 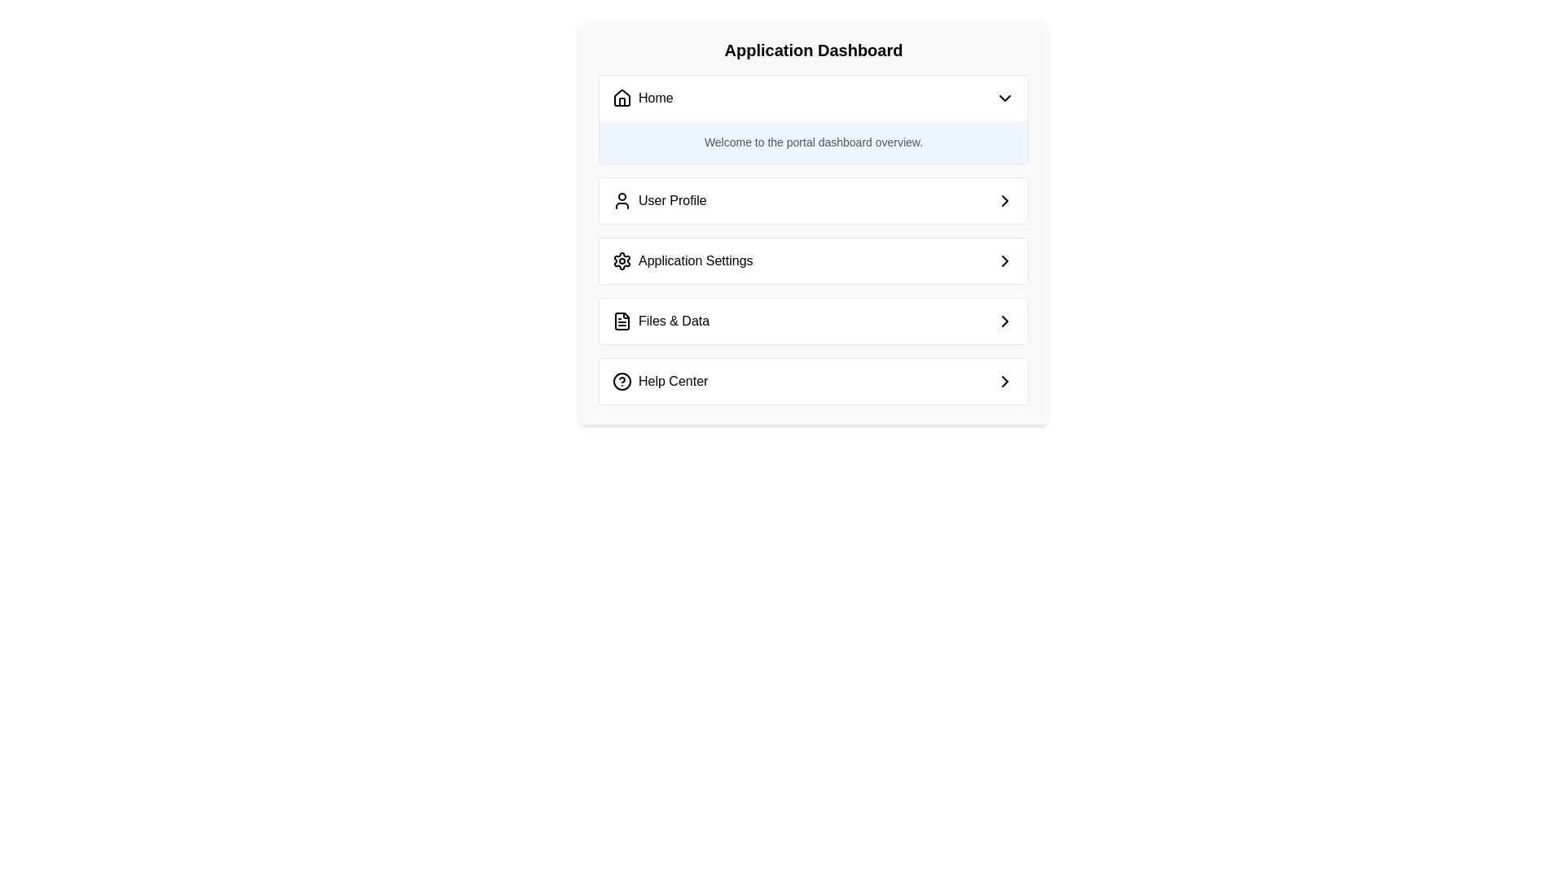 I want to click on the leading icon for the 'Files & Data' menu item, which is the fourth option in a vertical list of menu items on the application dashboard, so click(x=621, y=321).